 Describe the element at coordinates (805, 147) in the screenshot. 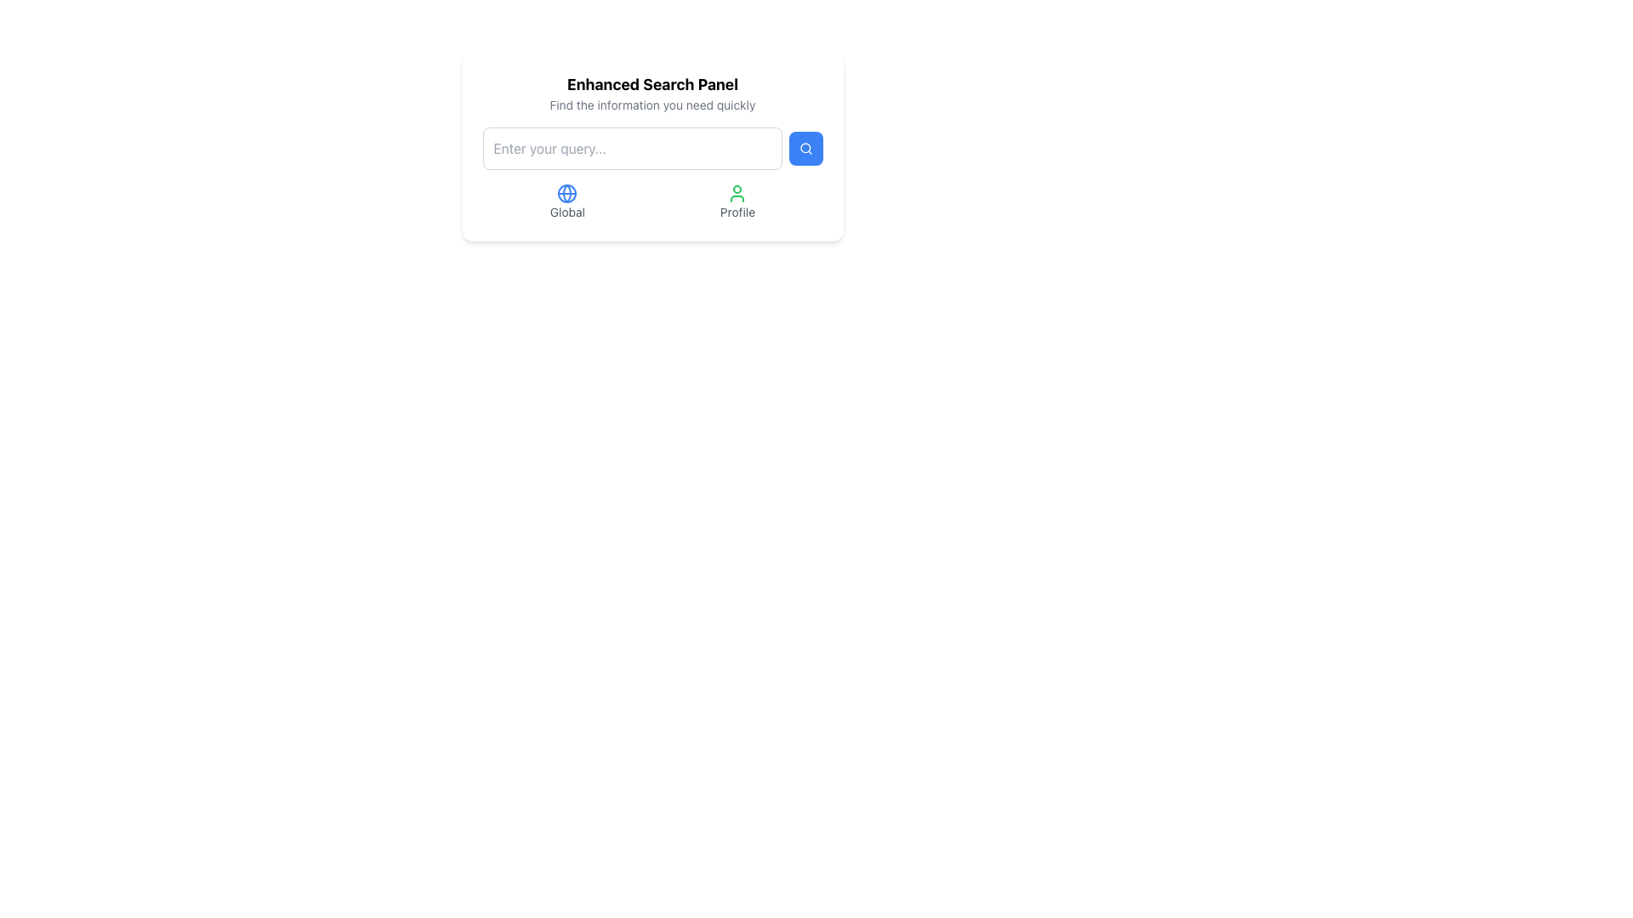

I see `the circular blue button with a white magnifying glass icon` at that location.